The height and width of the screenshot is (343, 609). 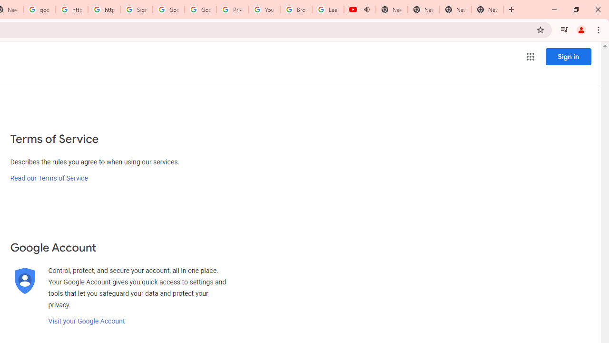 What do you see at coordinates (487, 10) in the screenshot?
I see `'New Tab'` at bounding box center [487, 10].